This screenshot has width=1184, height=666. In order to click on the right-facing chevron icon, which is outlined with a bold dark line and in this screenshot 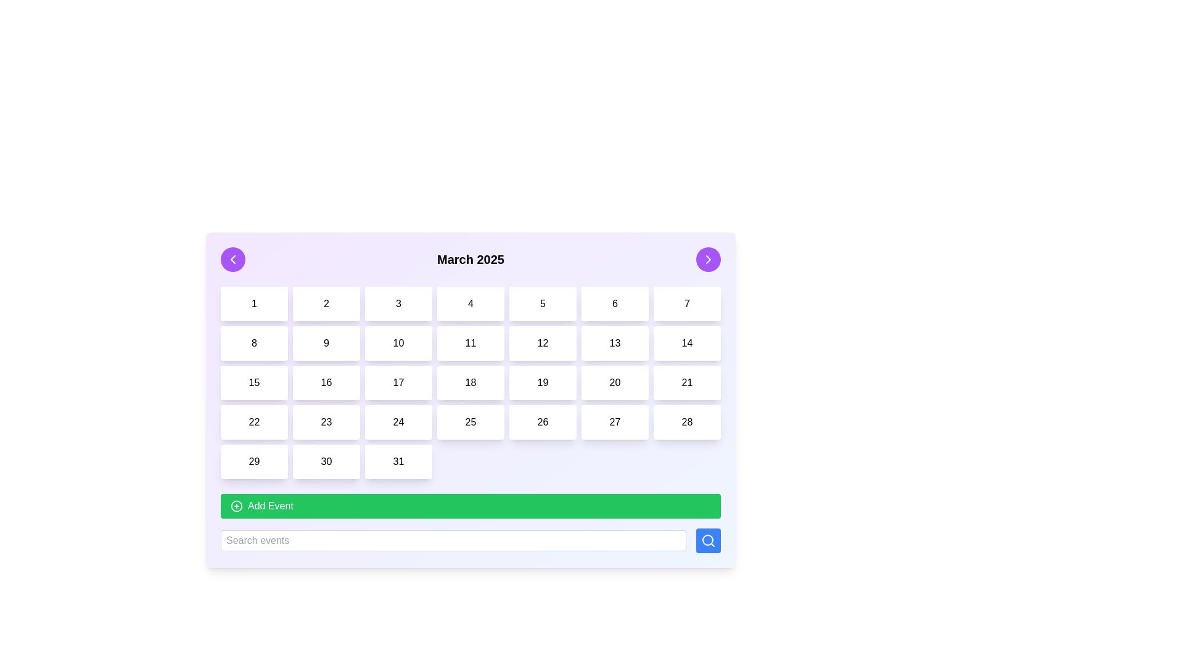, I will do `click(708, 258)`.